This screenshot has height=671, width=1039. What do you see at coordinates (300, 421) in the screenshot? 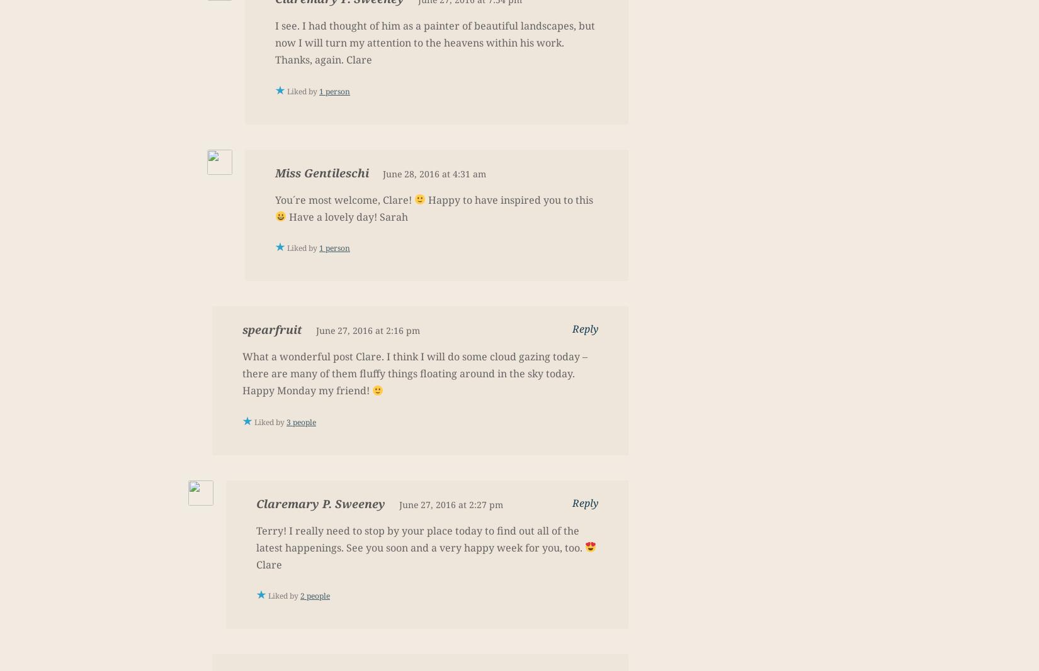
I see `'3 people'` at bounding box center [300, 421].